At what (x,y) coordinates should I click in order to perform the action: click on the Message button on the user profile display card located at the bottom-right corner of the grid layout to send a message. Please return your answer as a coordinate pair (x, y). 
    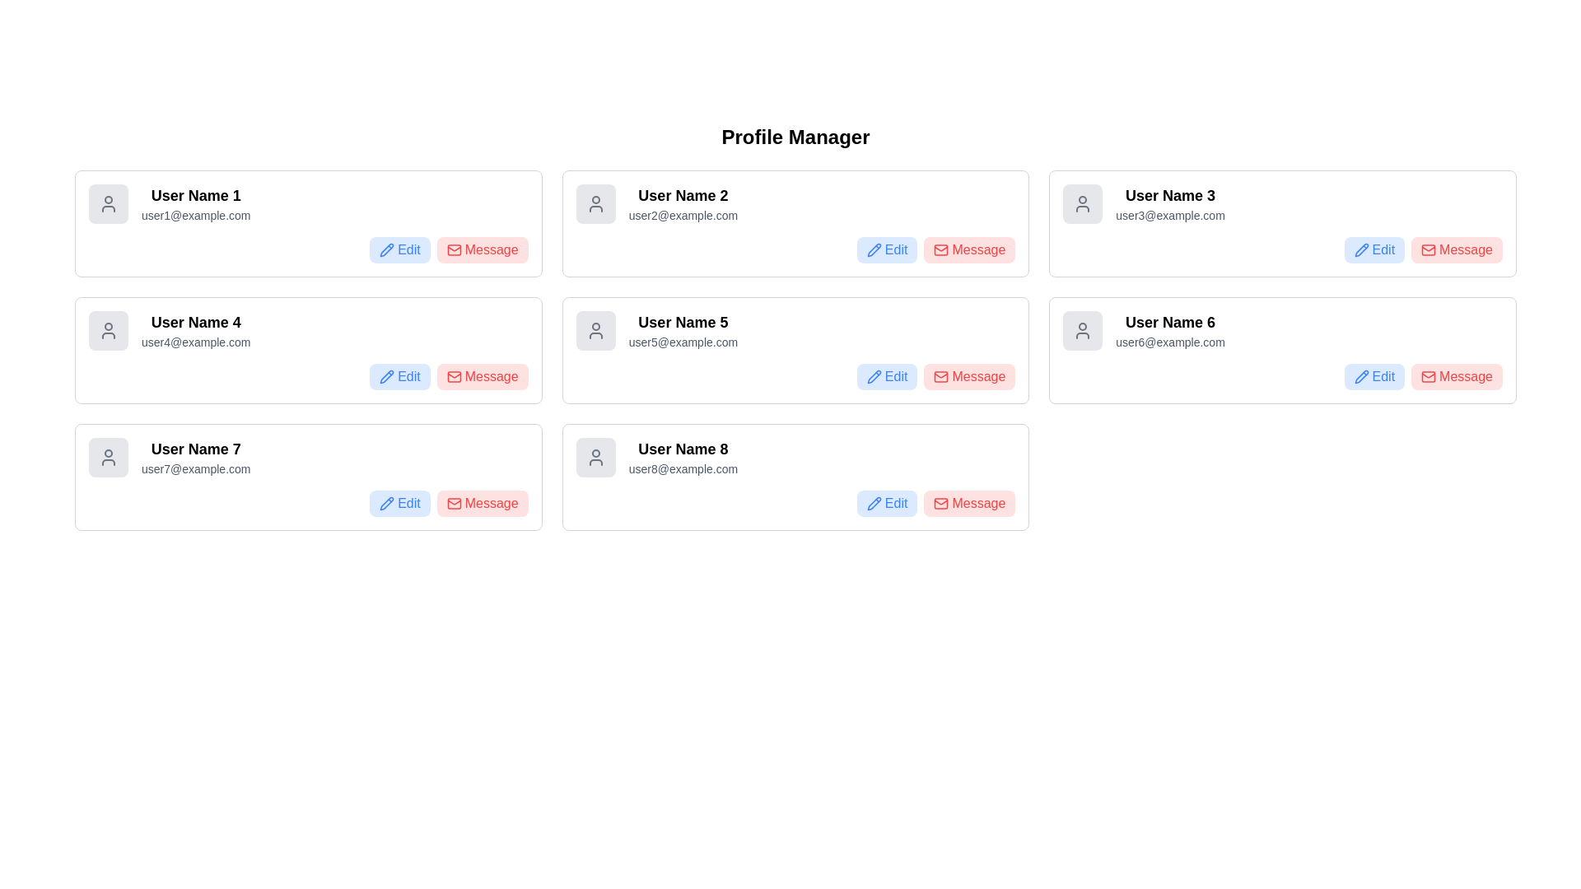
    Looking at the image, I should click on (795, 477).